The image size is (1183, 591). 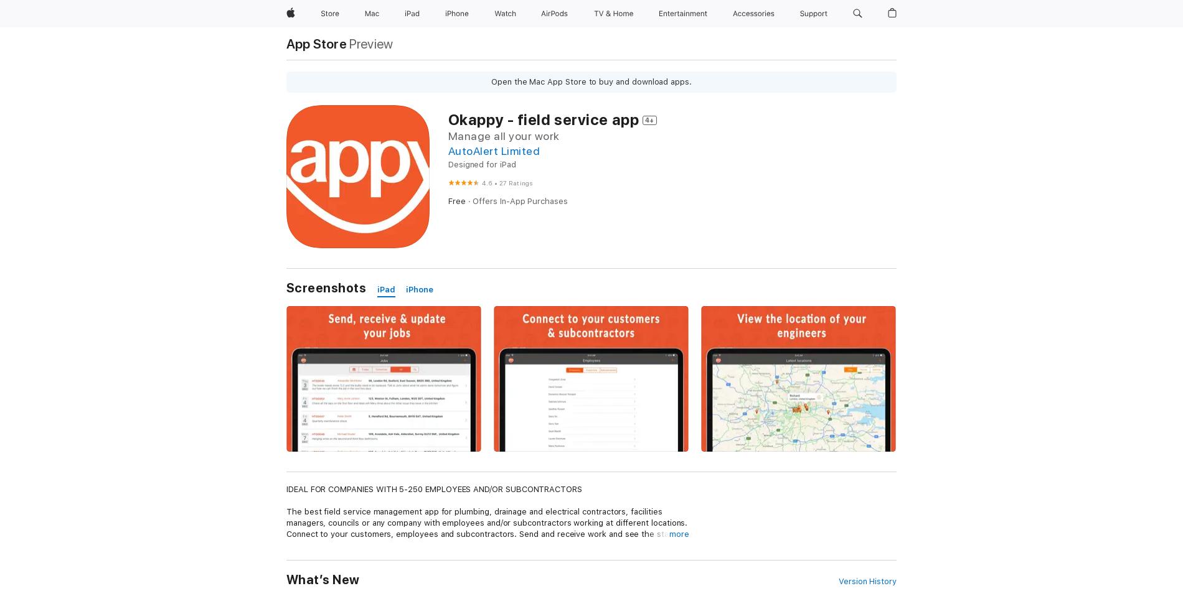 What do you see at coordinates (323, 579) in the screenshot?
I see `'What’s New'` at bounding box center [323, 579].